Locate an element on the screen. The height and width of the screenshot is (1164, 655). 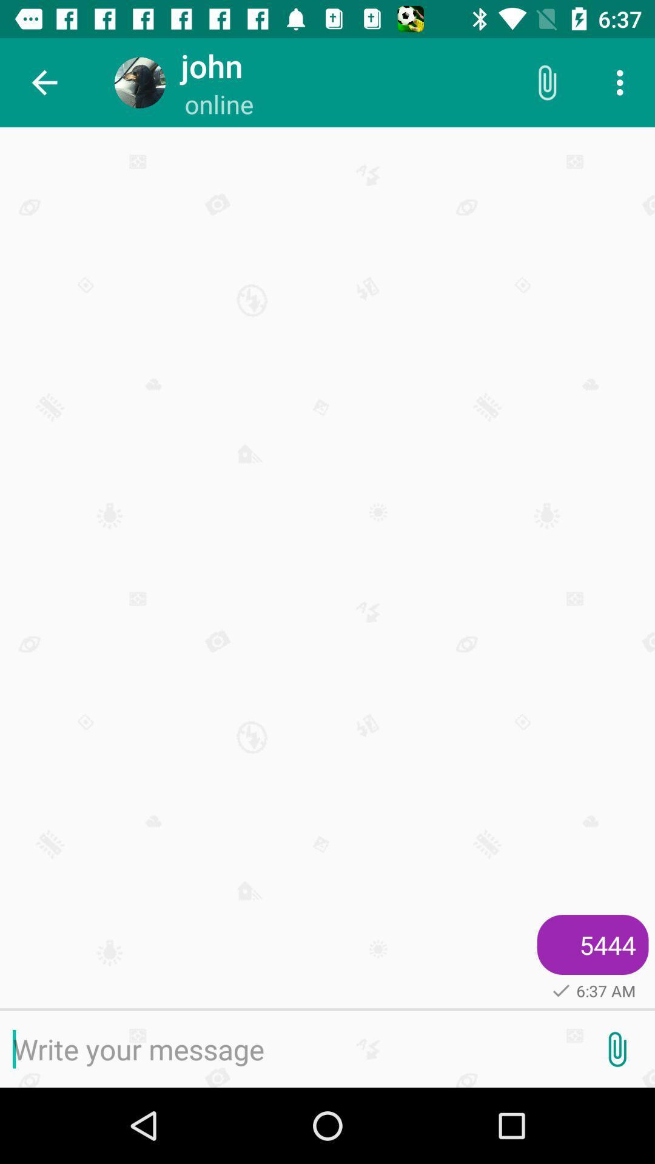
the attach_file icon is located at coordinates (617, 1049).